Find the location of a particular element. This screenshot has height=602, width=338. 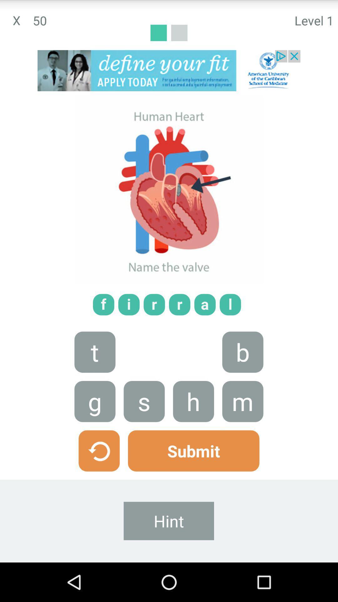

advertisement is located at coordinates (169, 71).